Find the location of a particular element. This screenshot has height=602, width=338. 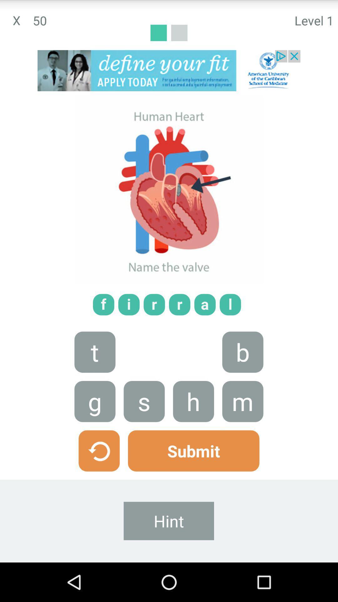

advertisement is located at coordinates (169, 71).